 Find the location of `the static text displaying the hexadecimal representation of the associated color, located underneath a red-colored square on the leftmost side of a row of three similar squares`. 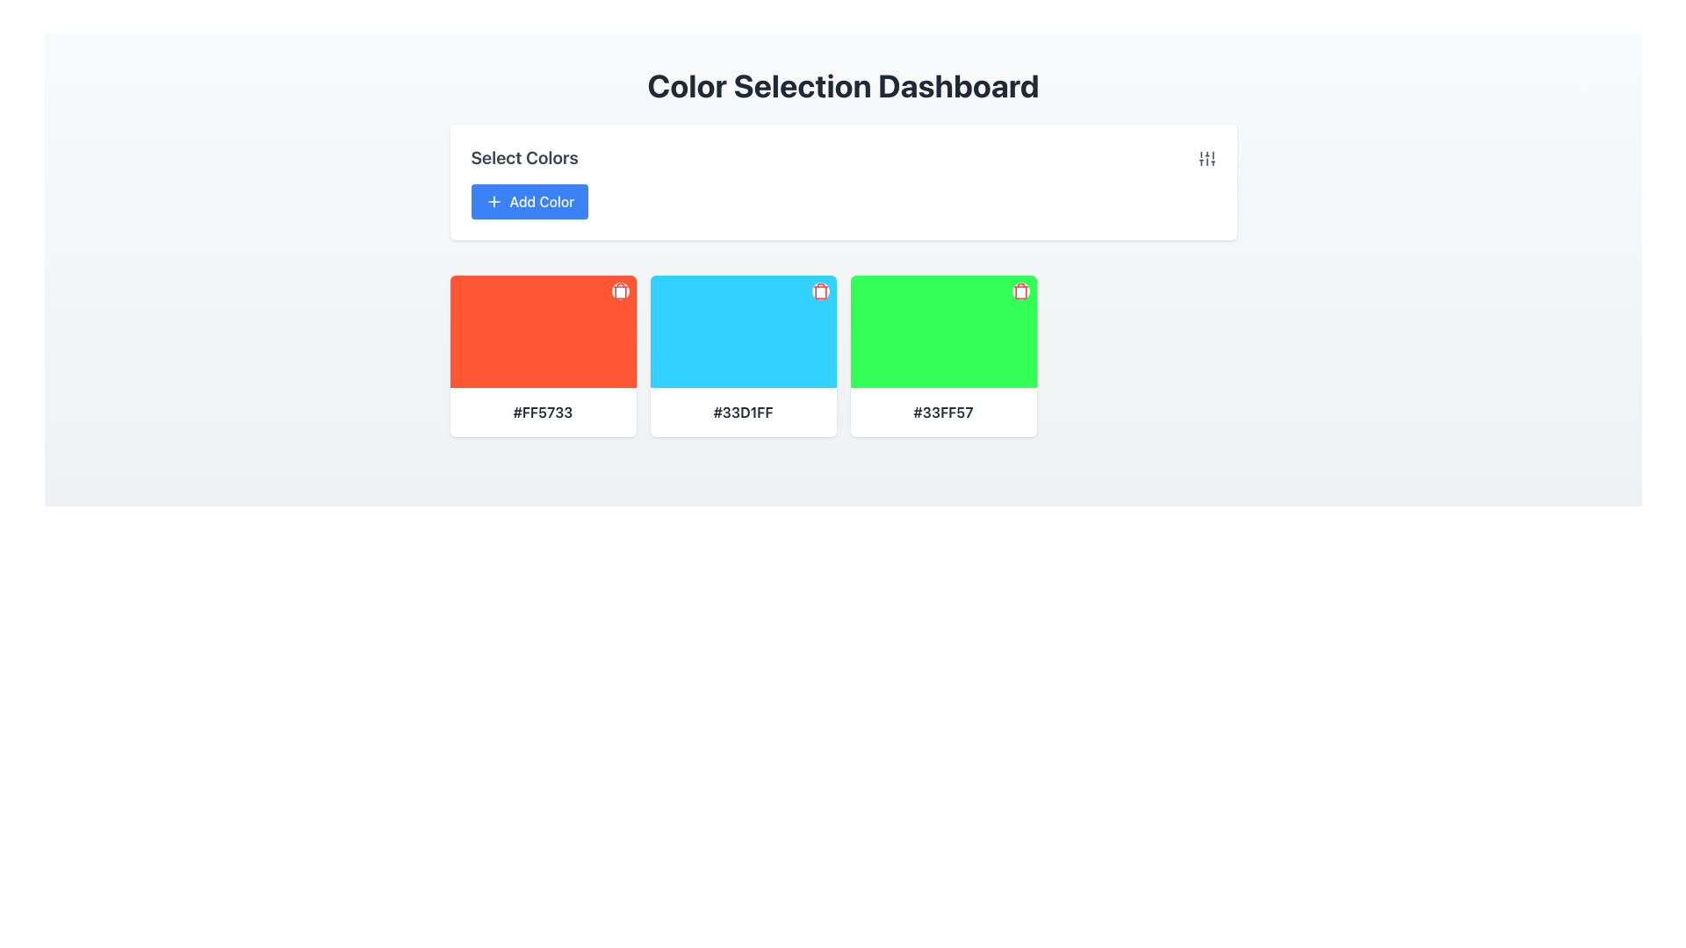

the static text displaying the hexadecimal representation of the associated color, located underneath a red-colored square on the leftmost side of a row of three similar squares is located at coordinates (542, 413).